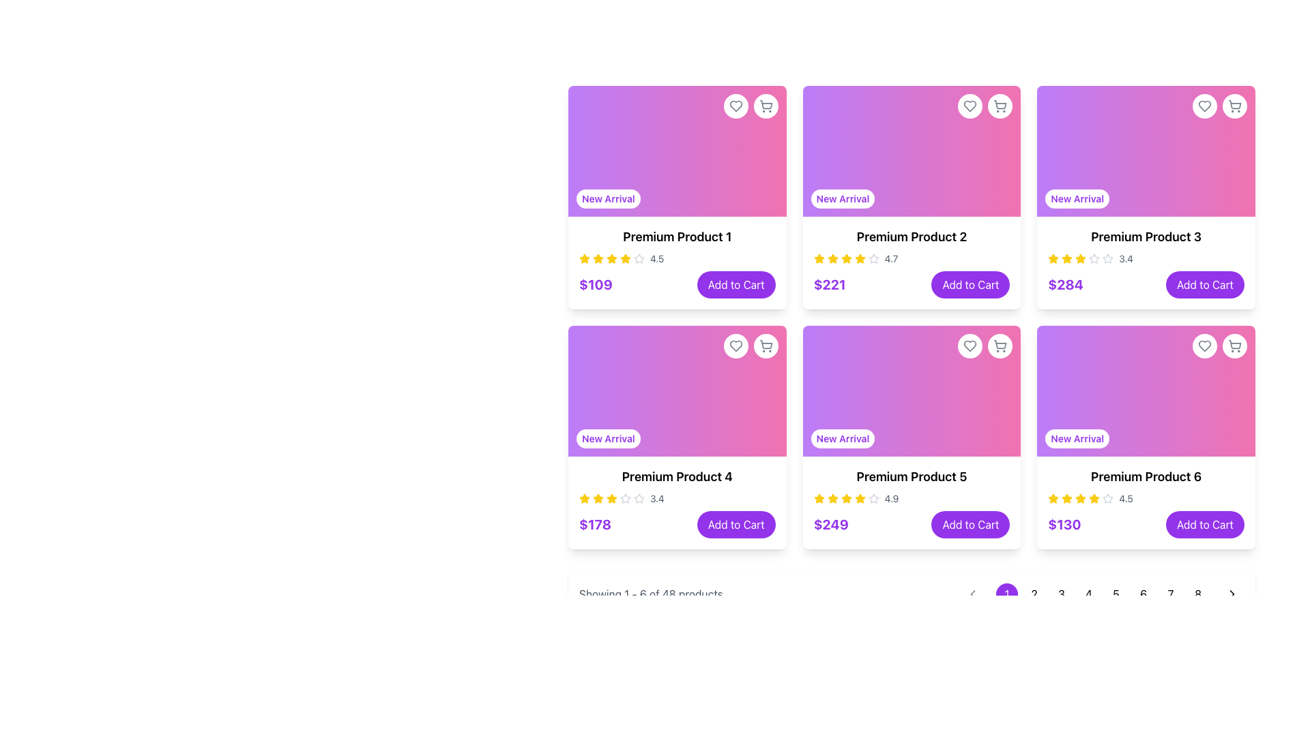 The image size is (1310, 736). I want to click on the third yellow star icon in the 5-star rating section under 'Premium Product 1', so click(585, 258).